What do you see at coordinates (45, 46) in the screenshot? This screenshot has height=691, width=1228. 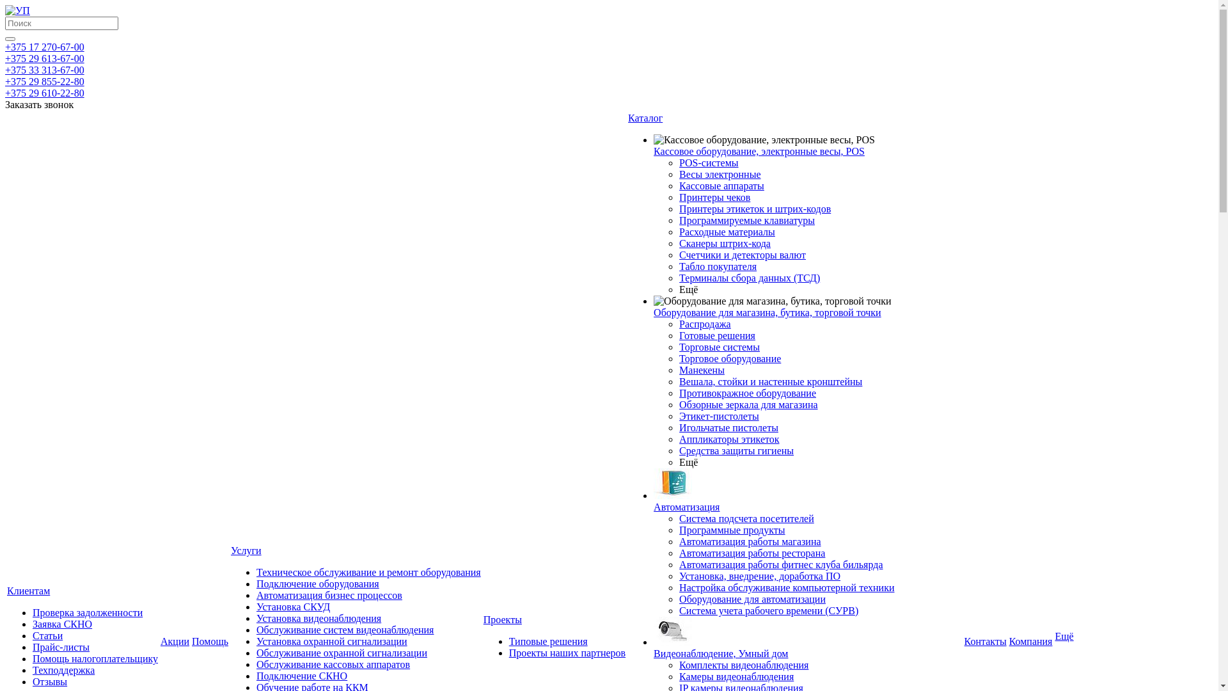 I see `'+375 17 270-67-00'` at bounding box center [45, 46].